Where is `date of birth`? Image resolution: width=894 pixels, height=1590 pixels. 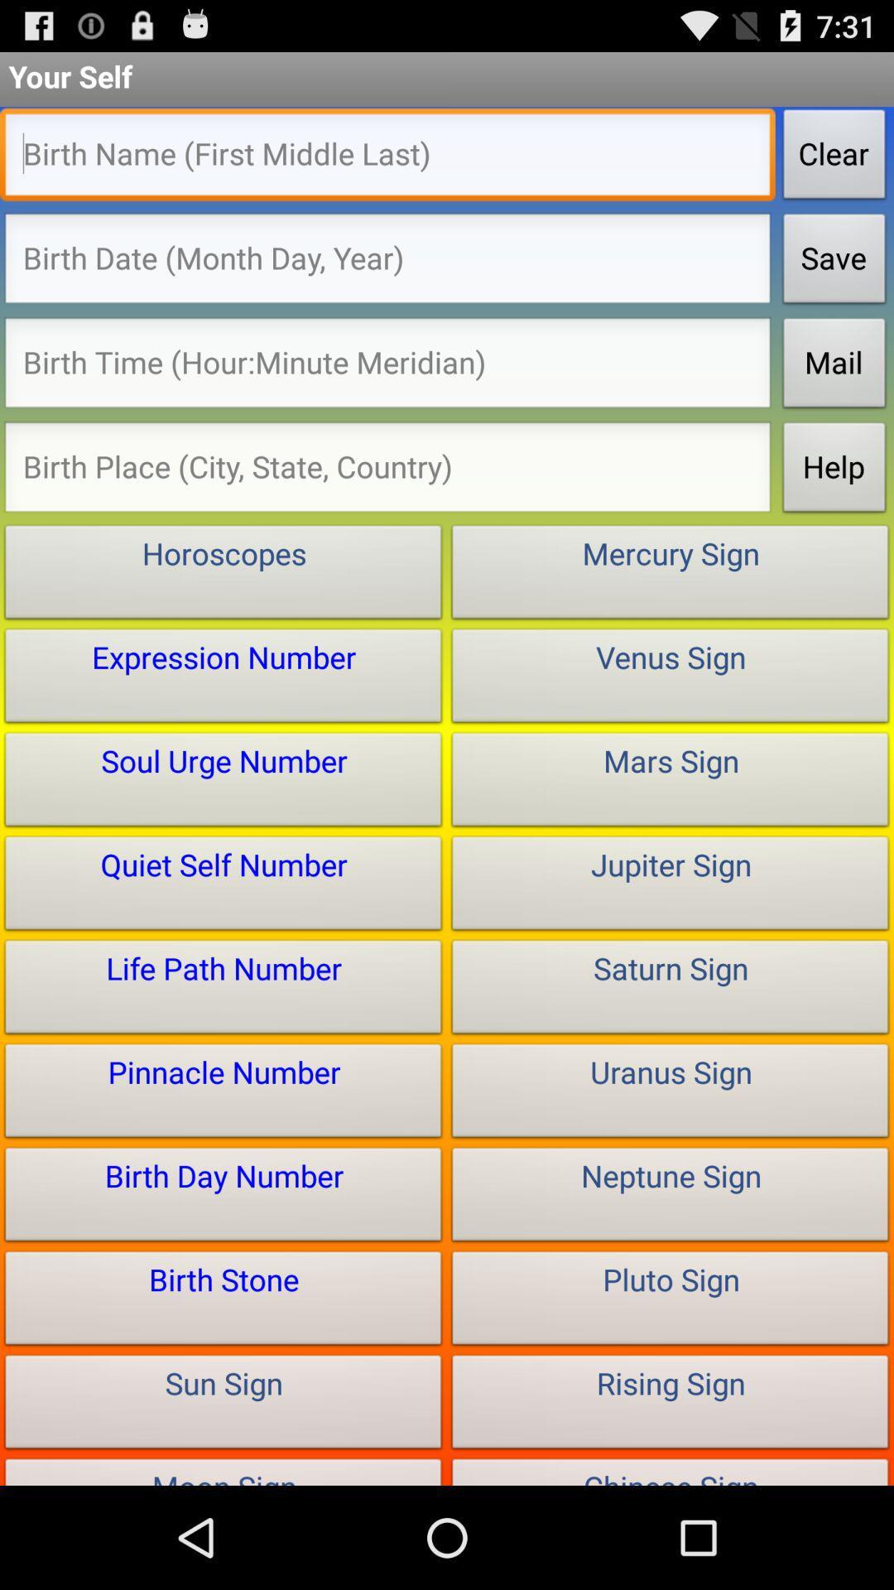
date of birth is located at coordinates (387, 262).